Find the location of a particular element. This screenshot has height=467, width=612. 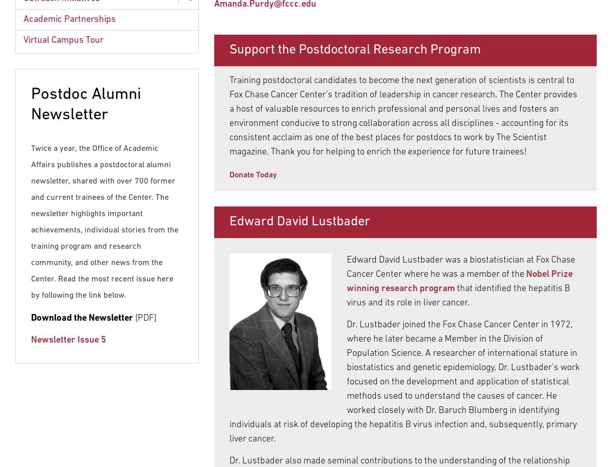

'Download the Newsletter' is located at coordinates (31, 318).